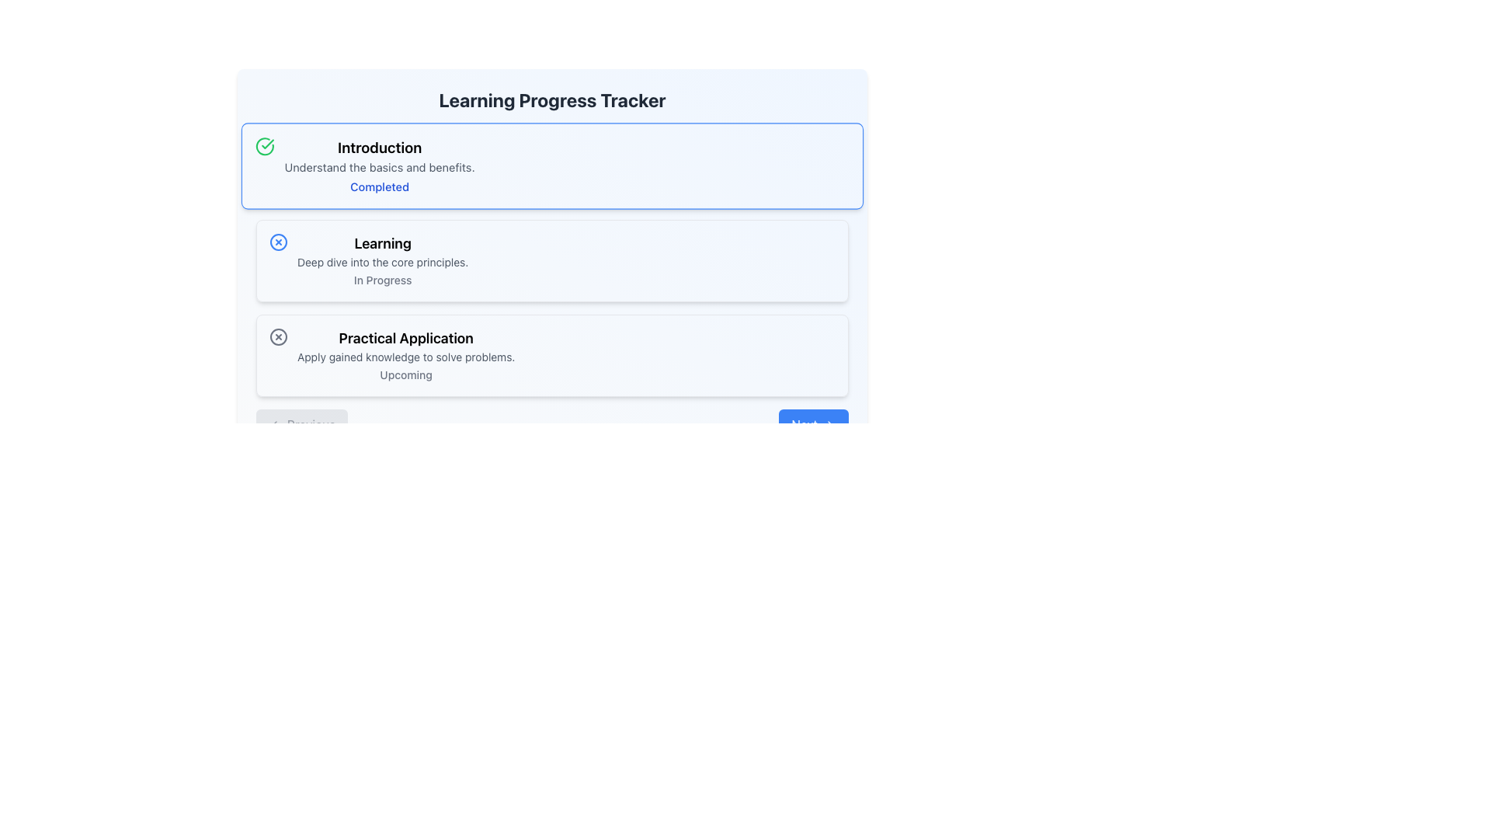 This screenshot has height=839, width=1491. Describe the element at coordinates (552, 236) in the screenshot. I see `the progress indicator panel displaying the topic and current status, located below the 'Introduction' block and above the 'Practical Application' block` at that location.